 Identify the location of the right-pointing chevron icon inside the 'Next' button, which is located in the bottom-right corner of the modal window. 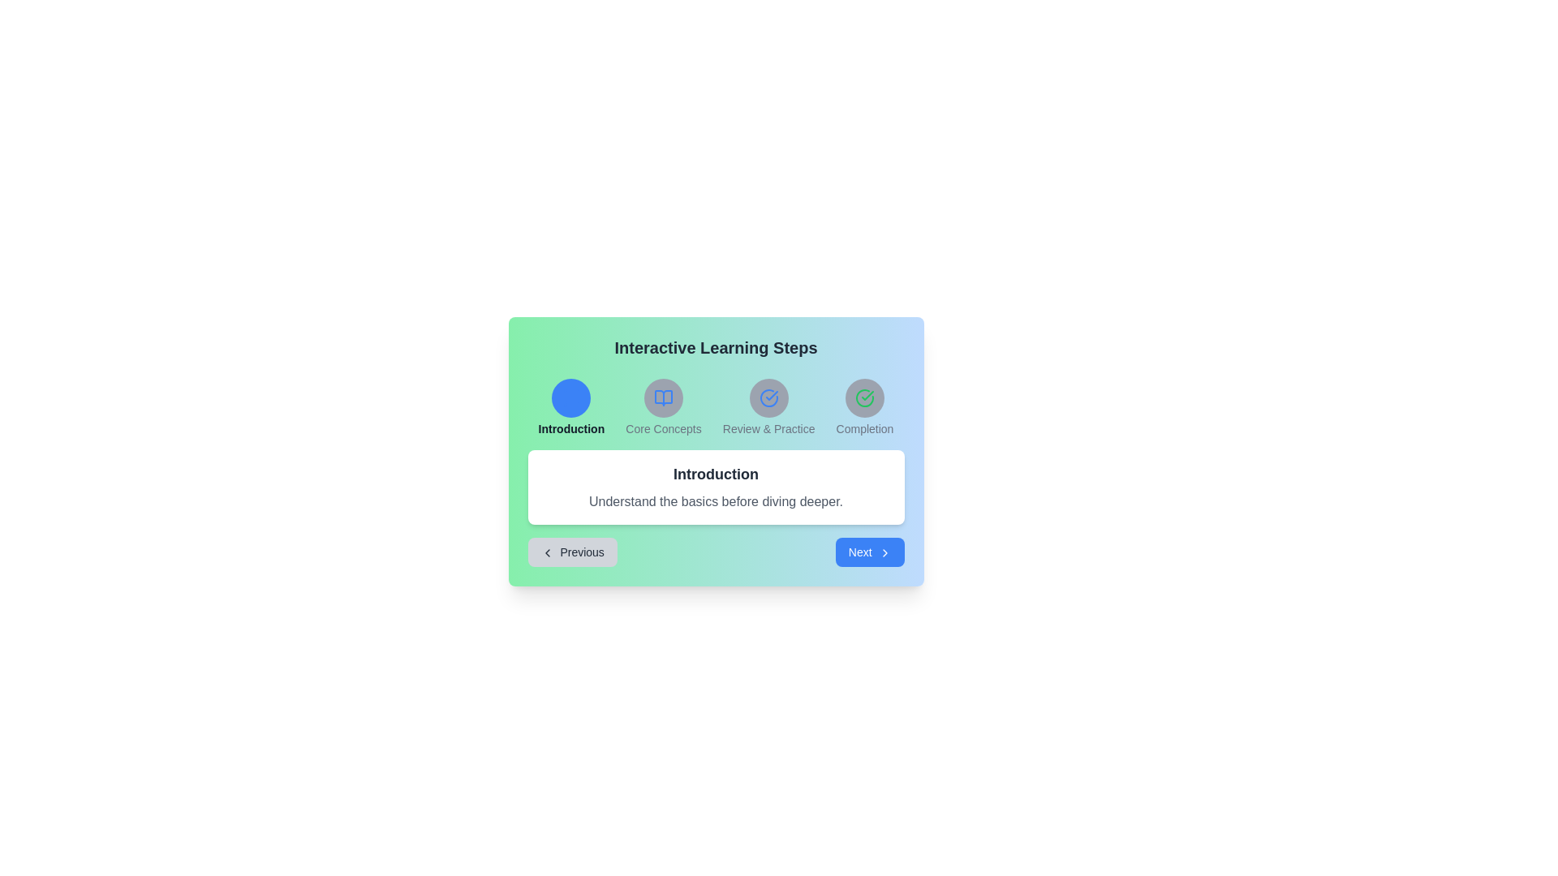
(884, 552).